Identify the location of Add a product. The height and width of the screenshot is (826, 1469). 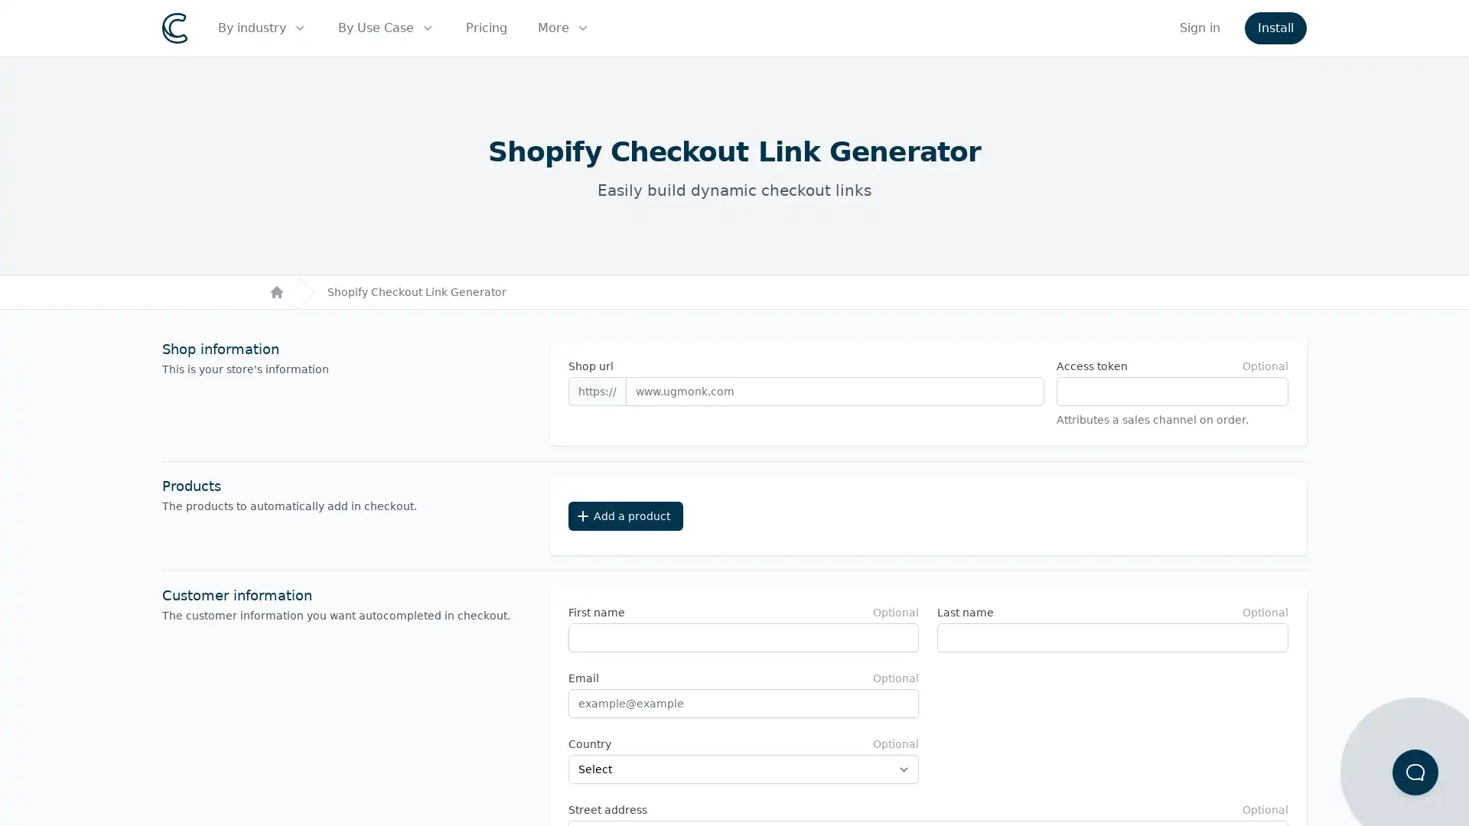
(624, 516).